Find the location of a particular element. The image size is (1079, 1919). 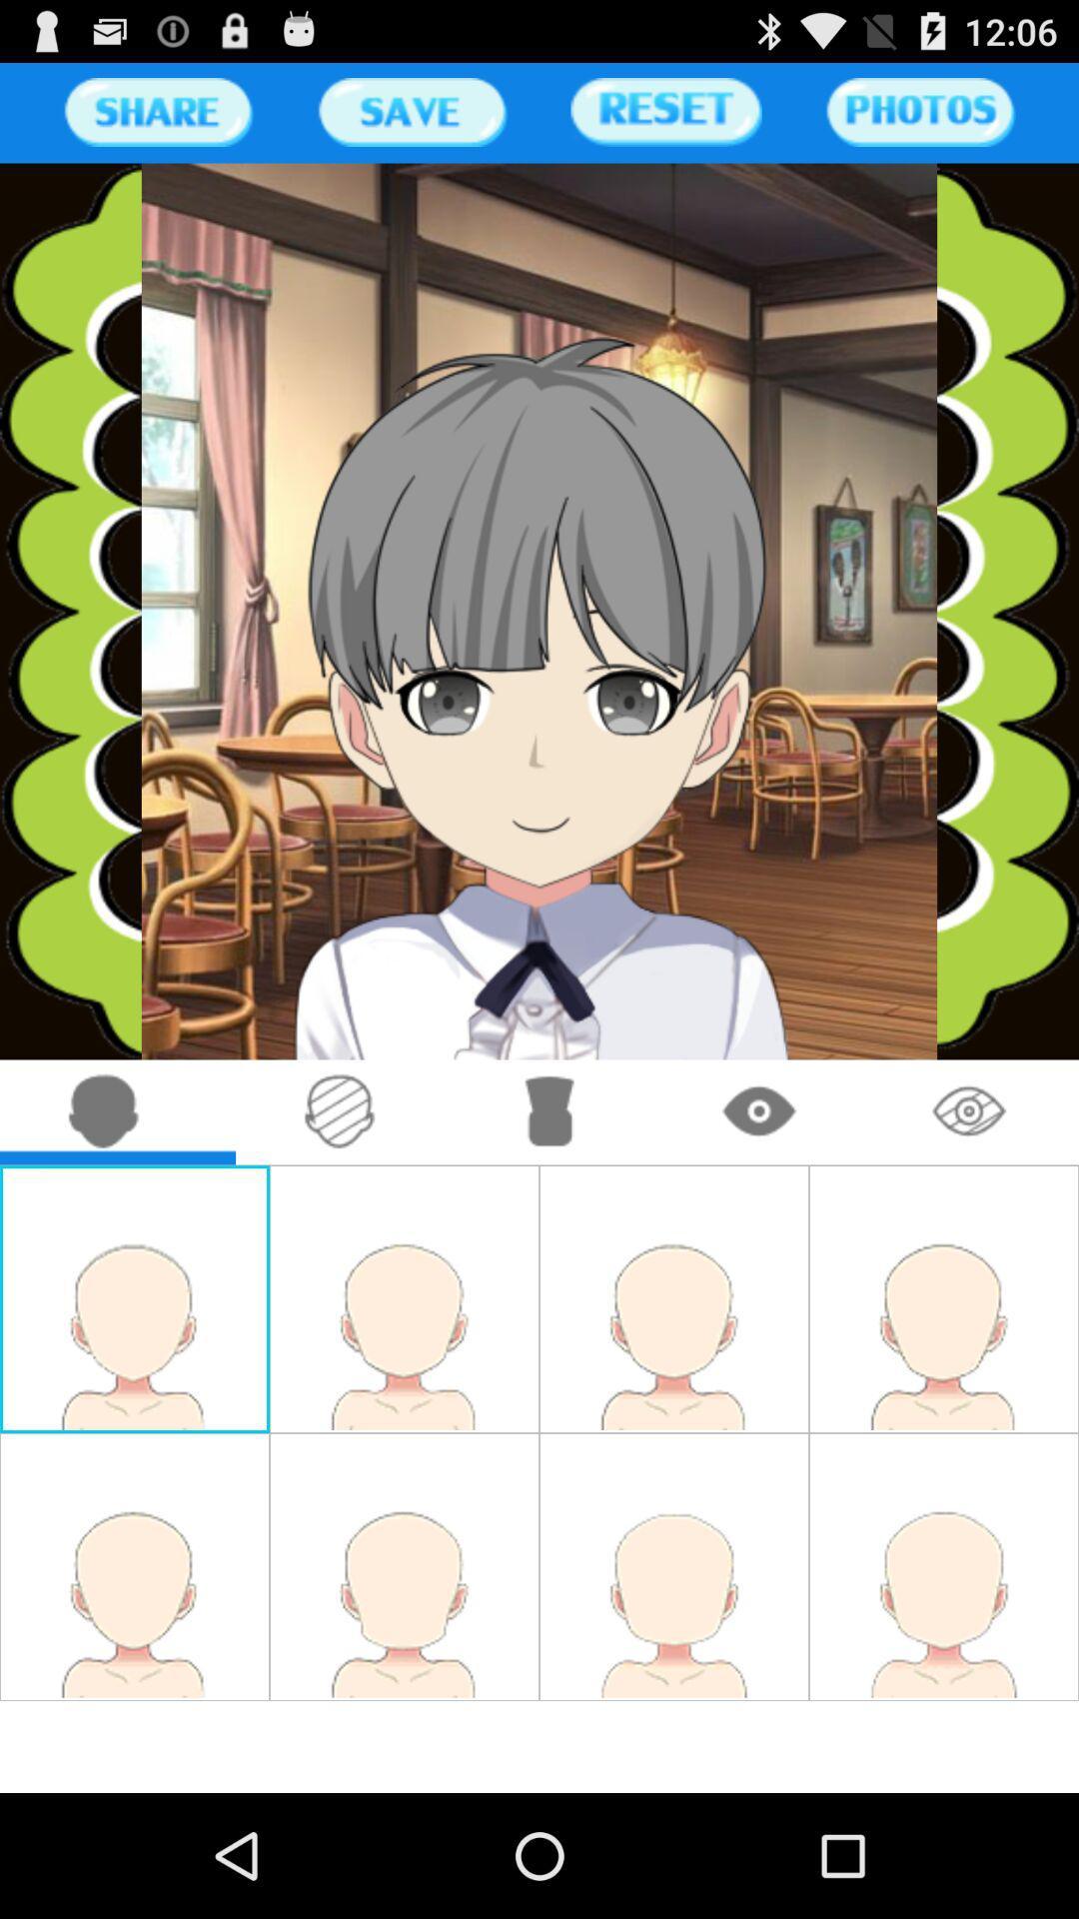

choose facial shape is located at coordinates (104, 1111).